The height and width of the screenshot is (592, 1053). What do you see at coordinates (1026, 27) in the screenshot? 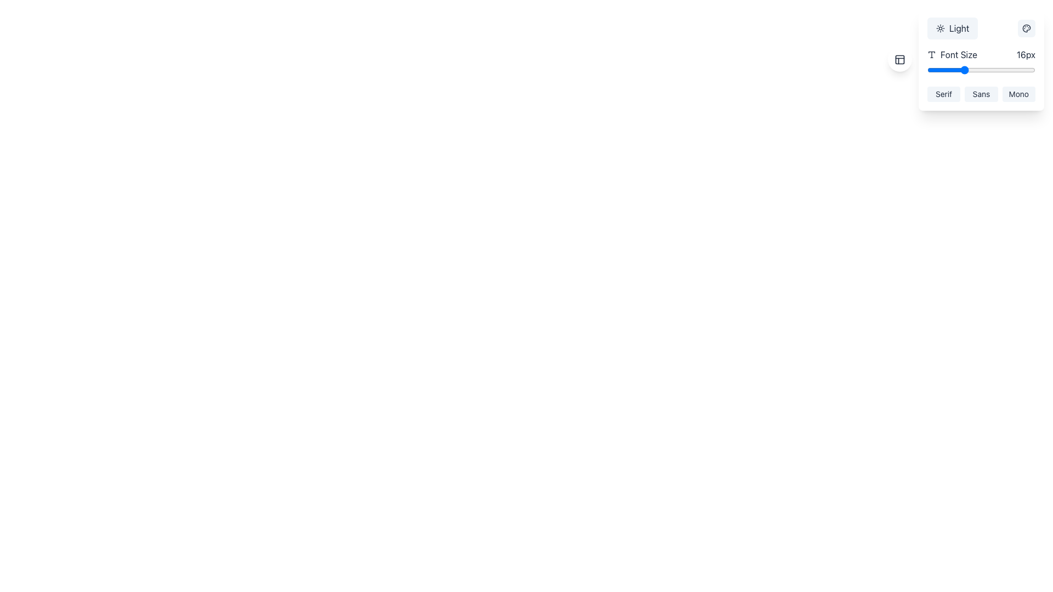
I see `the color adjustment icon located in the top-right corner of the UI, which serves as a visual representation for theme or color adjustments` at bounding box center [1026, 27].